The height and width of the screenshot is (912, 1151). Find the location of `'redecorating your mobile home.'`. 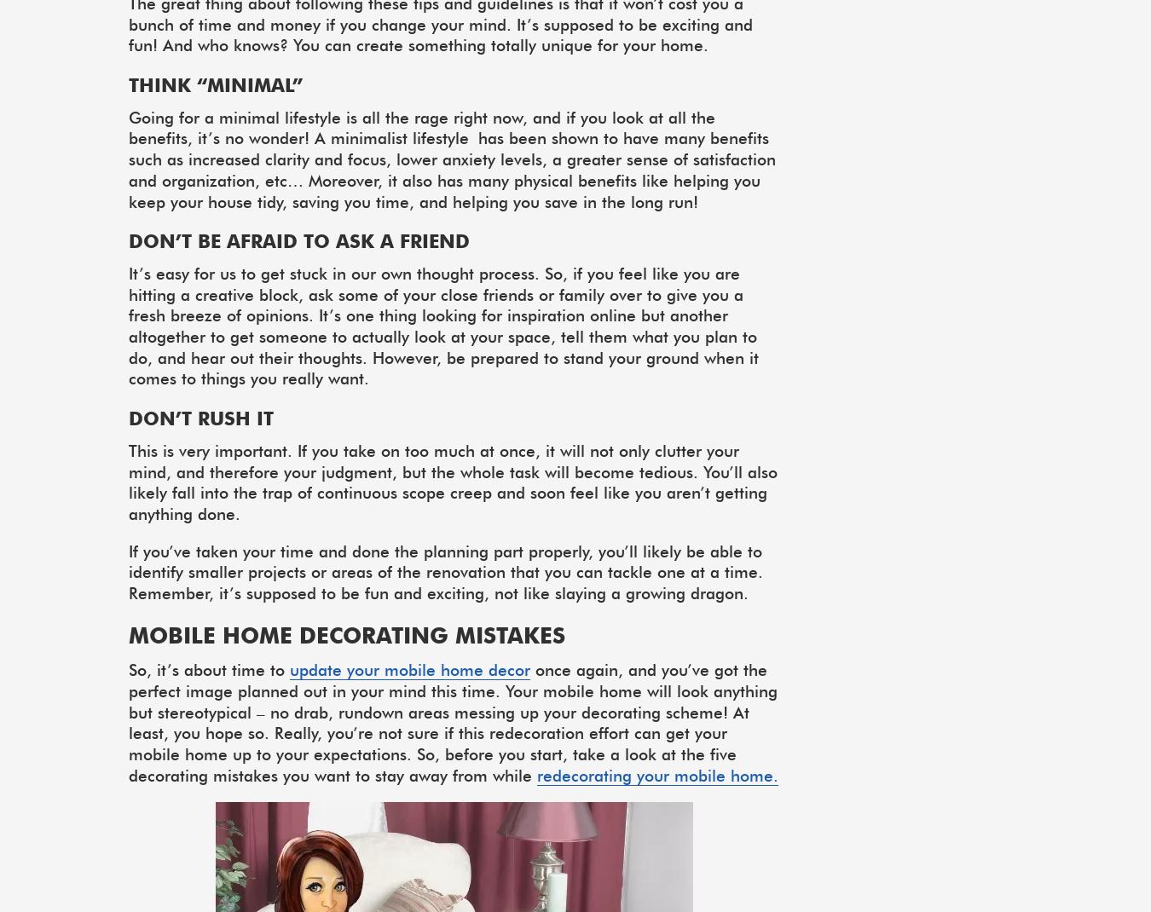

'redecorating your mobile home.' is located at coordinates (656, 773).